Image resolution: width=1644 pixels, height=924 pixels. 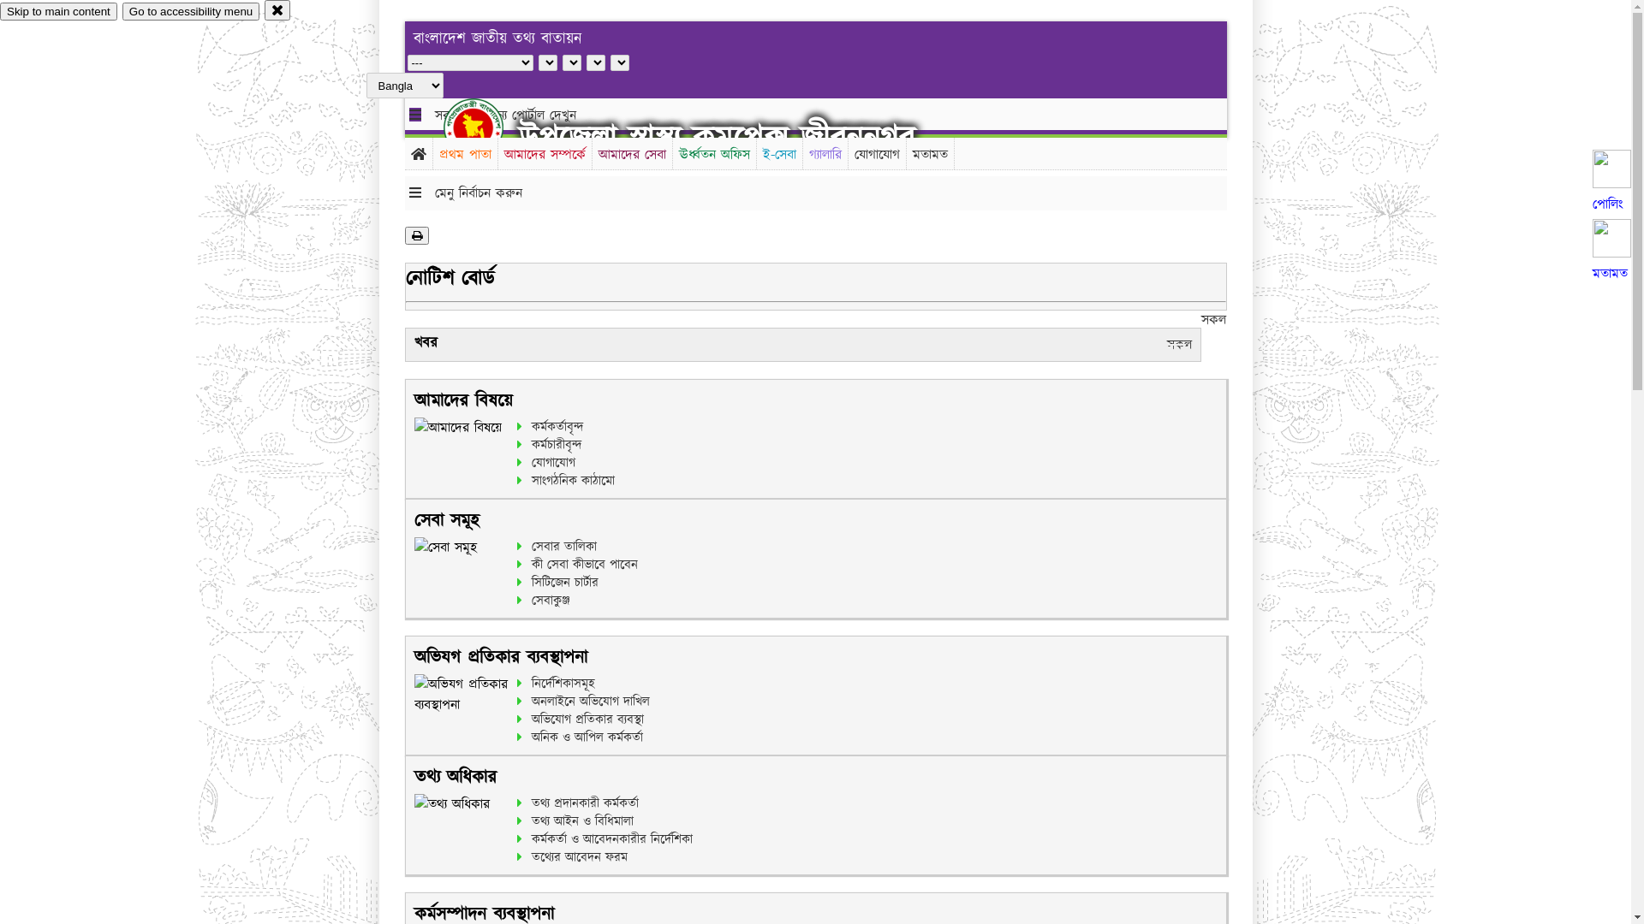 I want to click on 'Go to accessibility menu', so click(x=190, y=11).